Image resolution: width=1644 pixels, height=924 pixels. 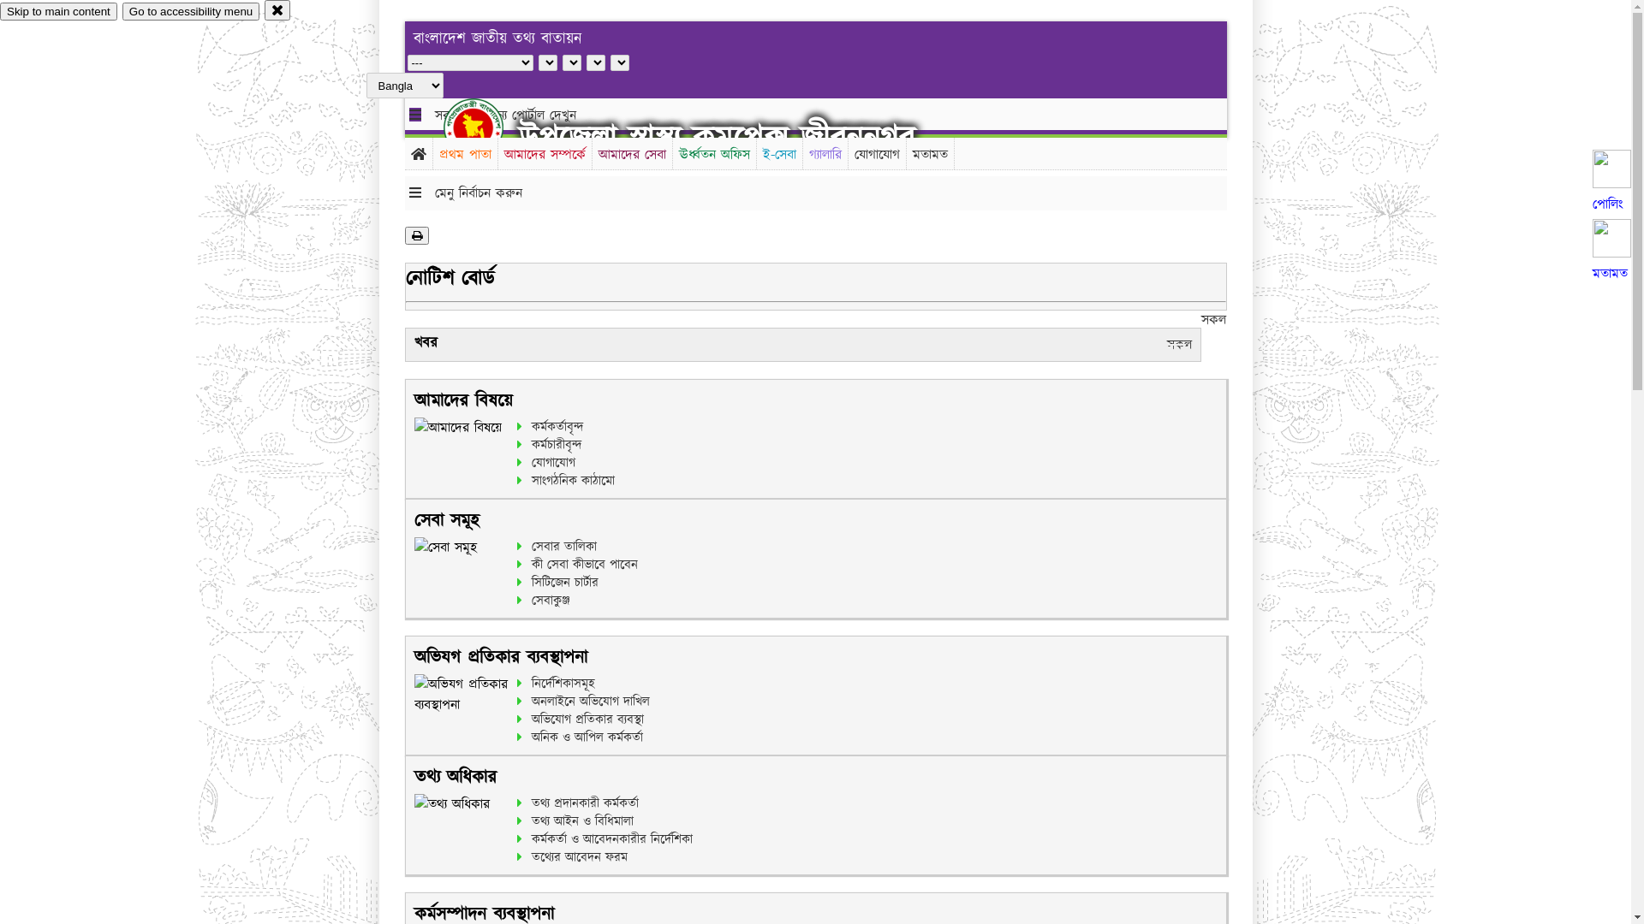 I want to click on 'Go to accessibility menu', so click(x=190, y=11).